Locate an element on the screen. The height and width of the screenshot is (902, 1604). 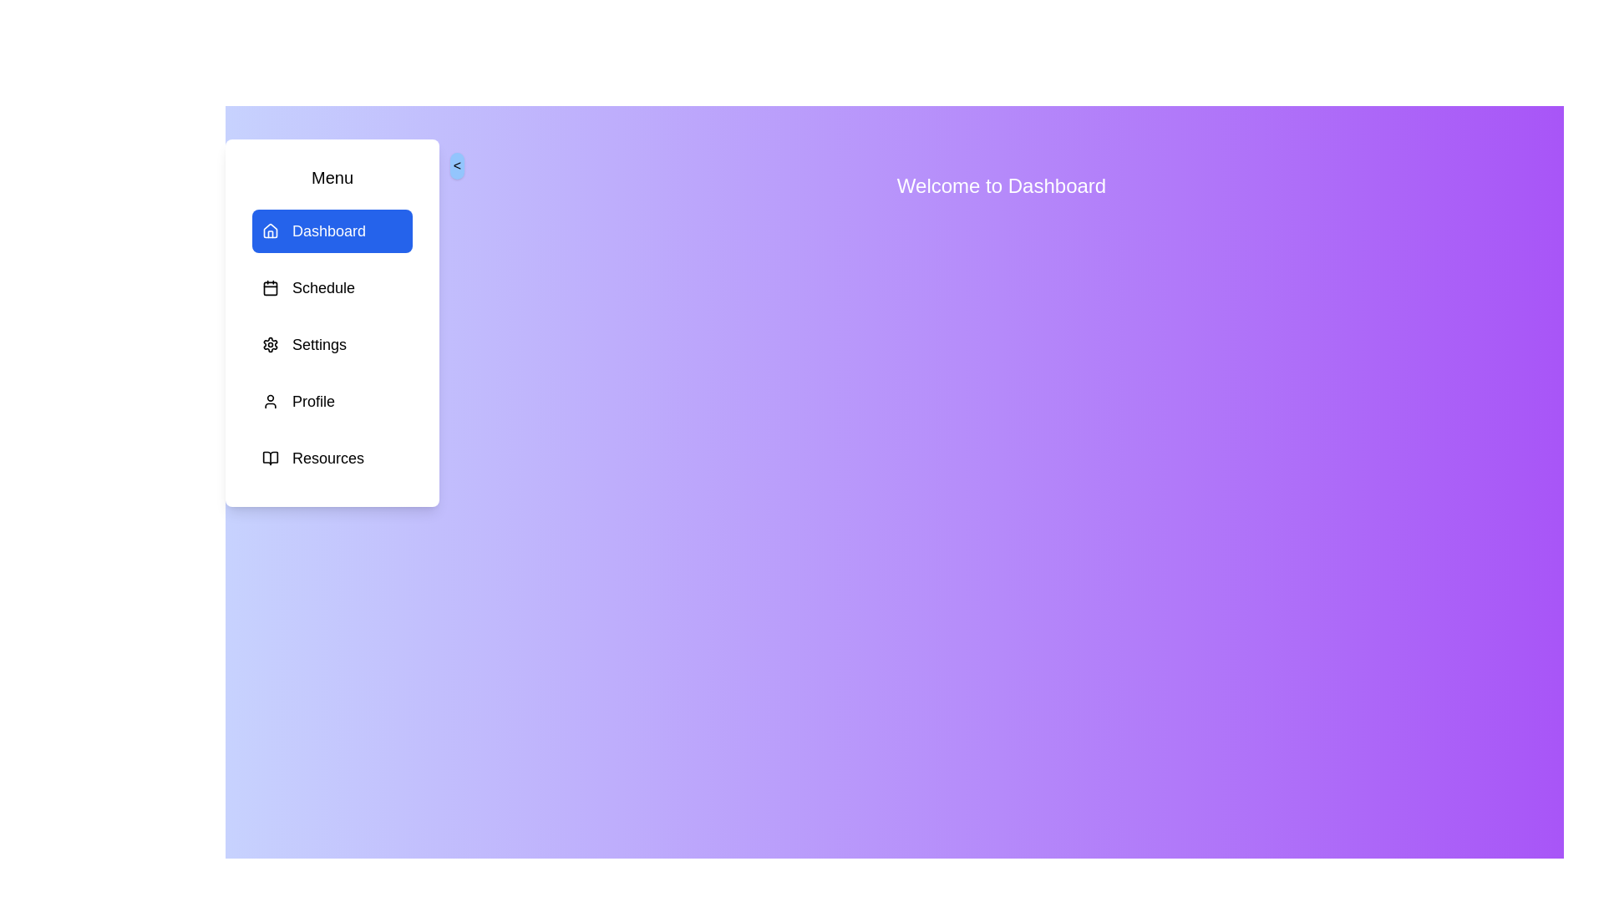
the menu item Dashboard to observe its hover effect is located at coordinates (332, 231).